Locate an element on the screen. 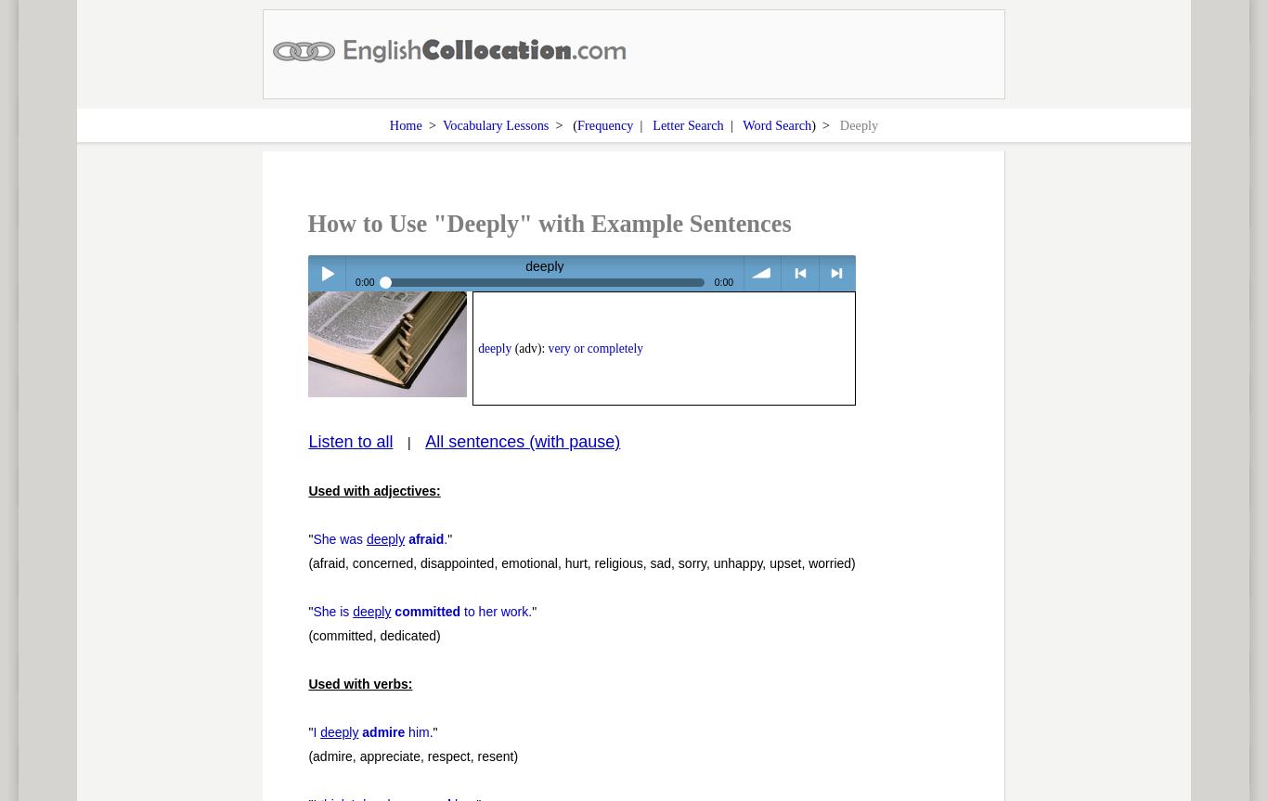  'She was' is located at coordinates (312, 538).